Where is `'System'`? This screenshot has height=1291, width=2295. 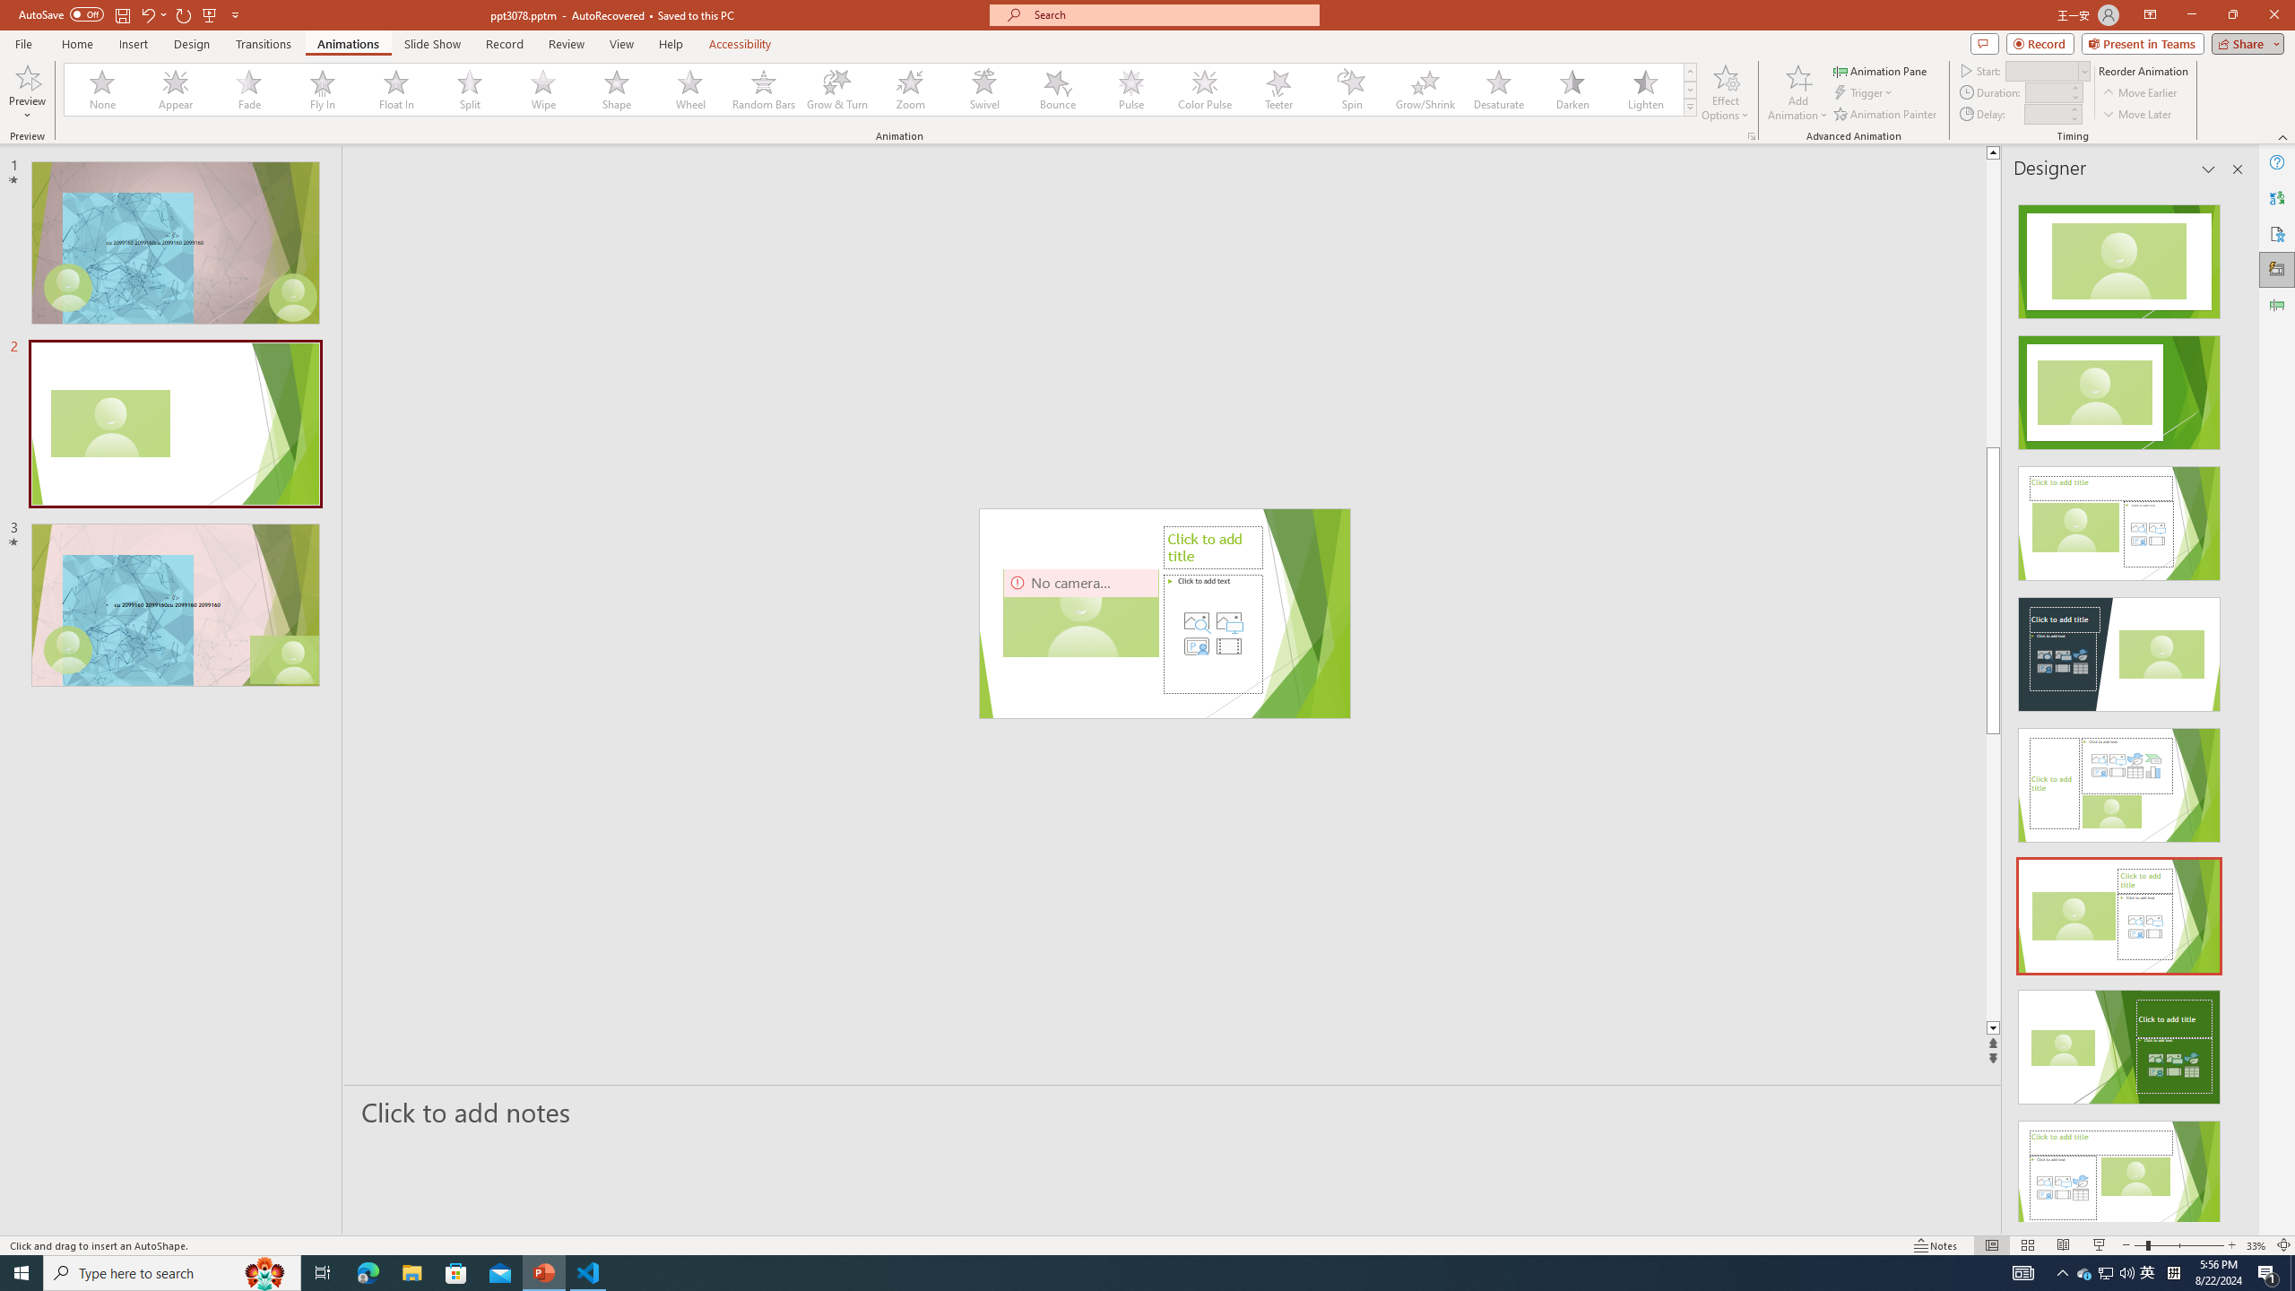
'System' is located at coordinates (10, 8).